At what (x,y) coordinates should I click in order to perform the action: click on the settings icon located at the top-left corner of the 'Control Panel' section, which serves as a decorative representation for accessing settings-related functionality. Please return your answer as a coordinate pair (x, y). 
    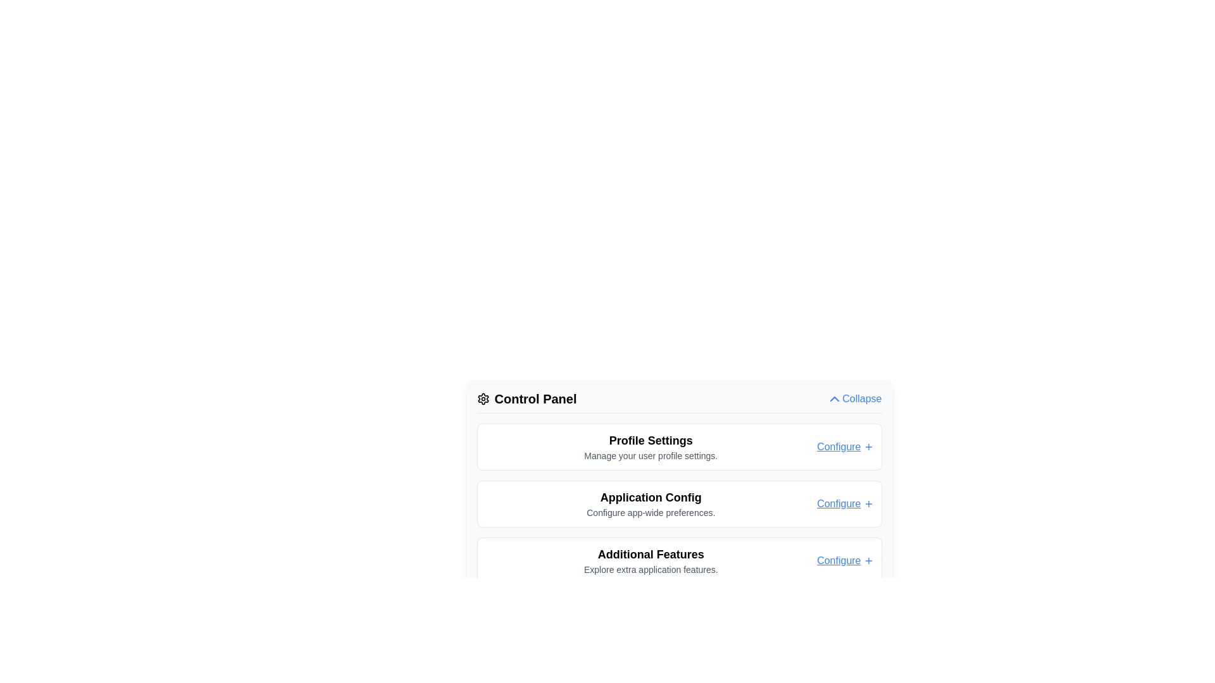
    Looking at the image, I should click on (482, 399).